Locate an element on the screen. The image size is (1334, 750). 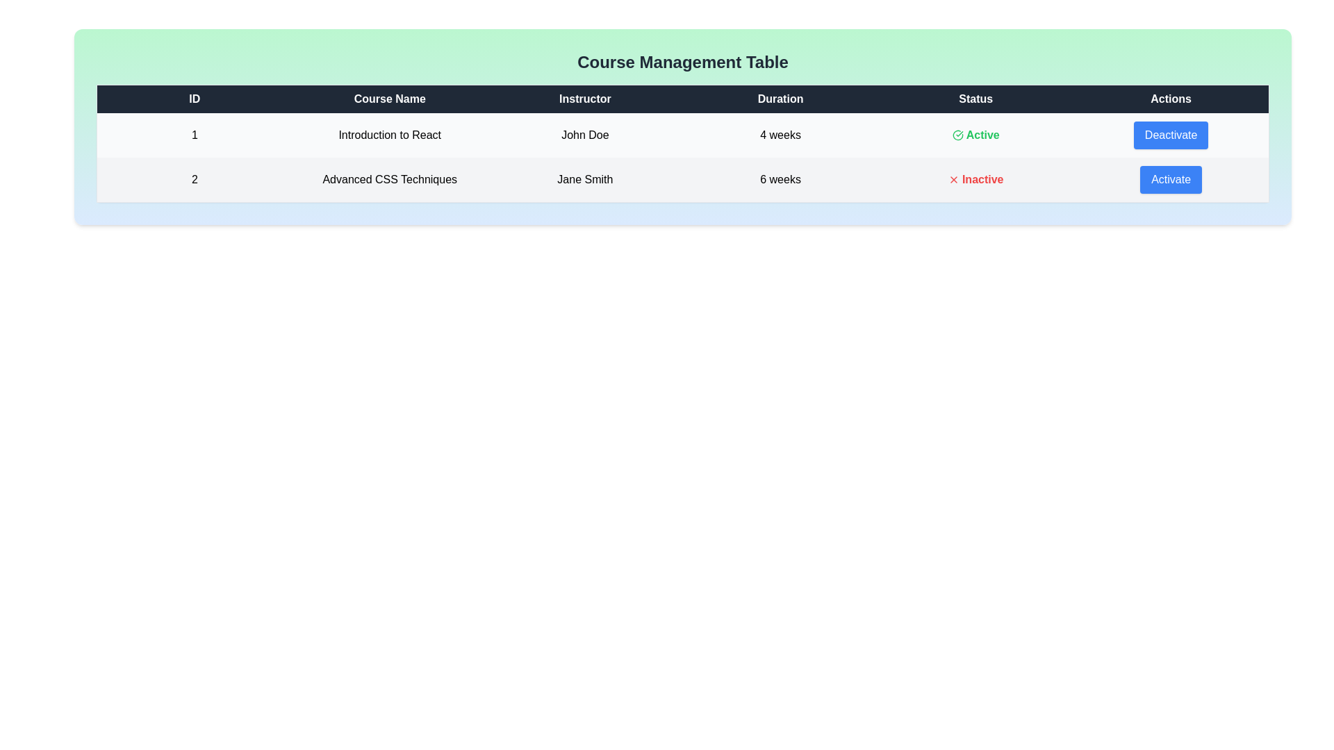
the Text label that identifies the course name, which is the second column of the first data row in the table, adjacent to '1' on the left and 'John Doe' on the right is located at coordinates (389, 135).